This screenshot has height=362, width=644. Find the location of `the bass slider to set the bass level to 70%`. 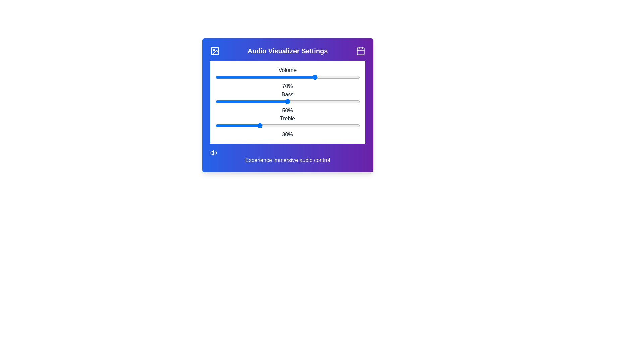

the bass slider to set the bass level to 70% is located at coordinates (316, 102).